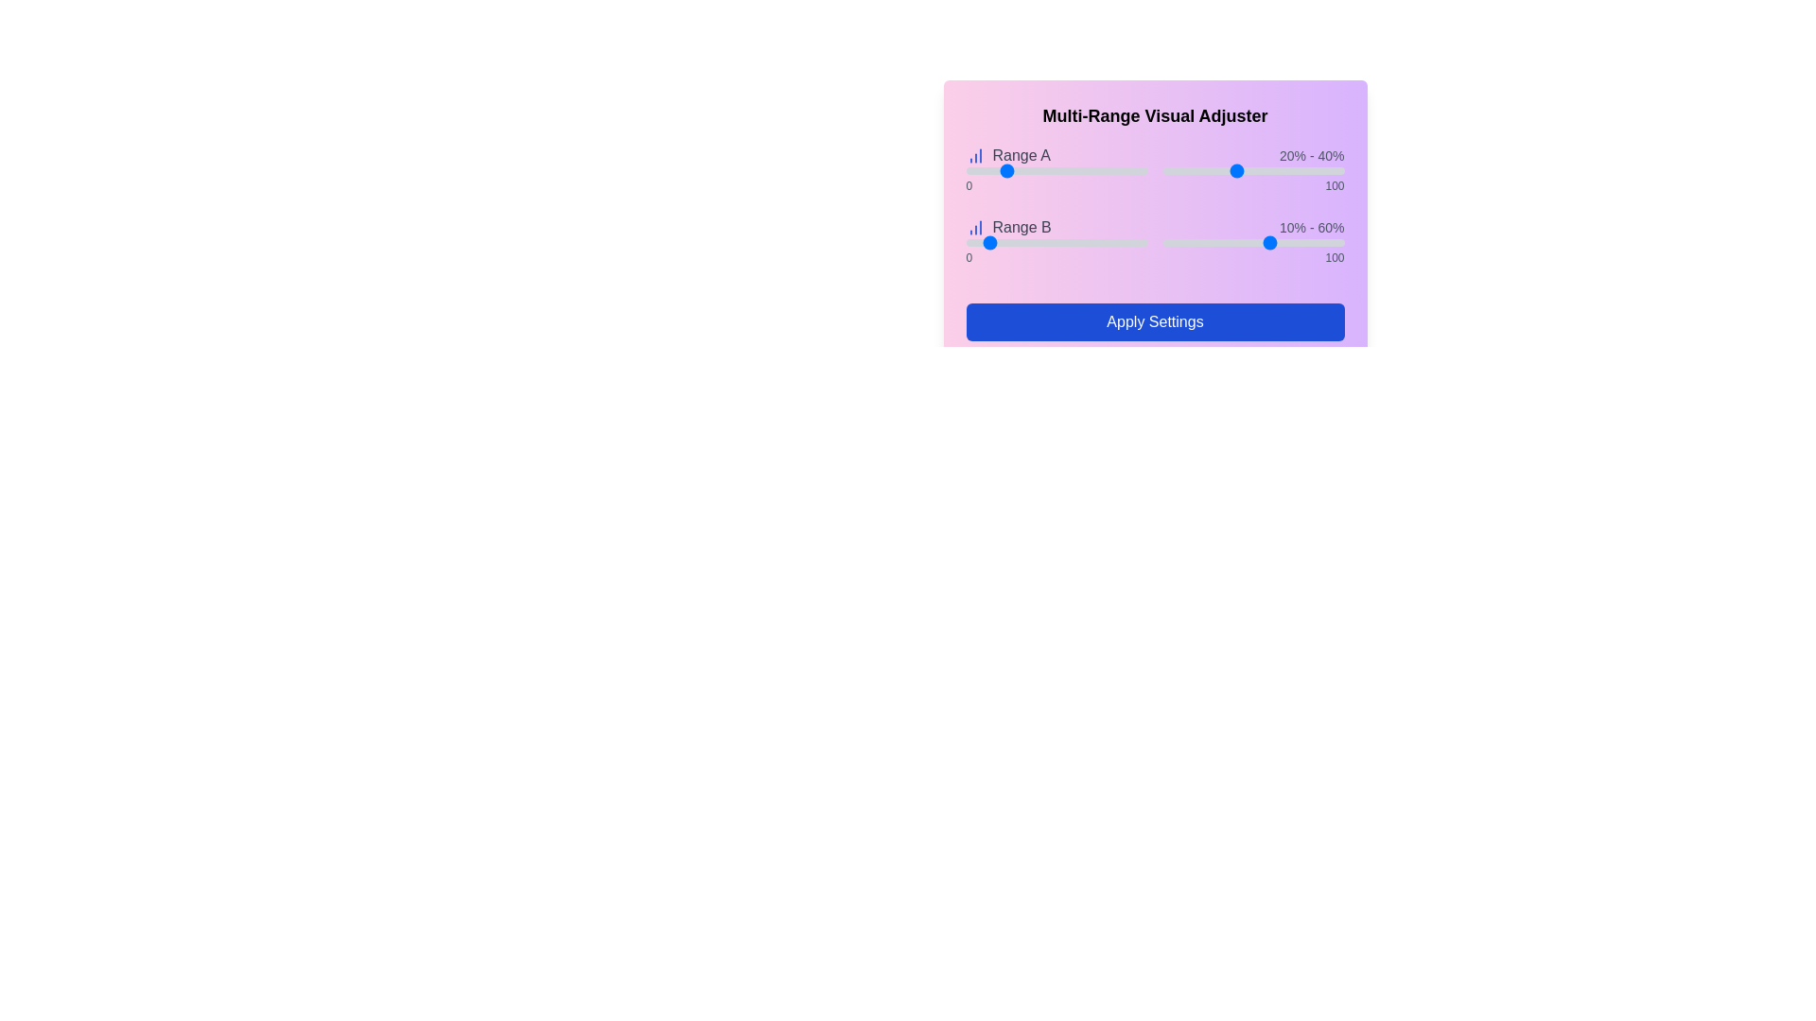 The width and height of the screenshot is (1816, 1021). Describe the element at coordinates (985, 171) in the screenshot. I see `the slider` at that location.